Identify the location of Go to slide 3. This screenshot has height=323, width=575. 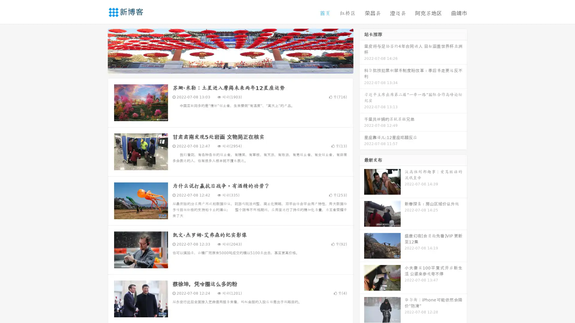
(236, 67).